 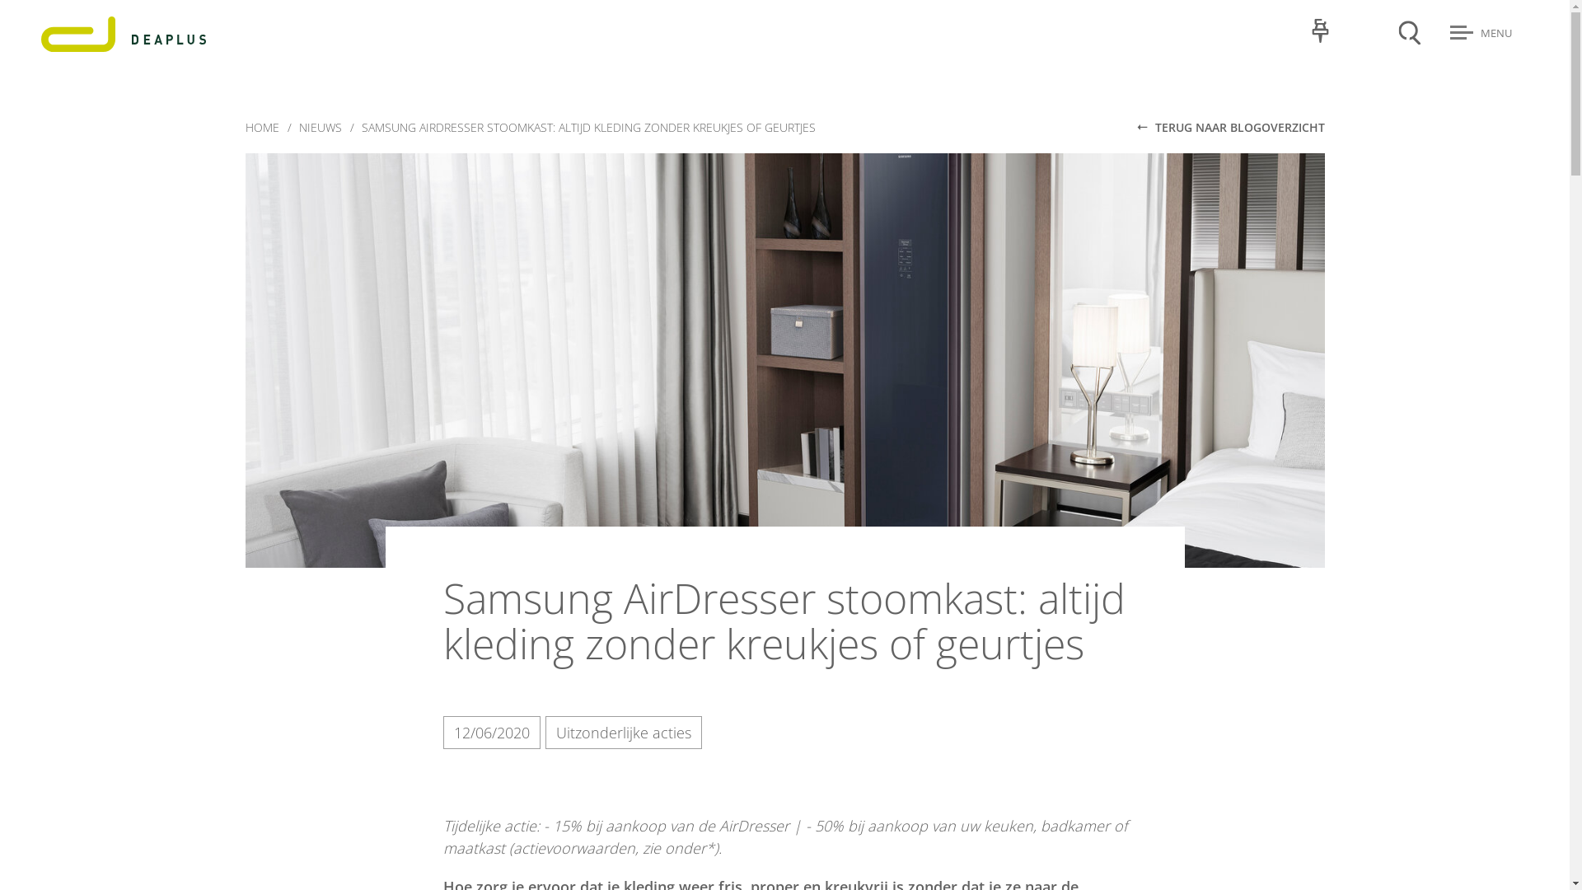 What do you see at coordinates (1489, 32) in the screenshot?
I see `'MENU'` at bounding box center [1489, 32].